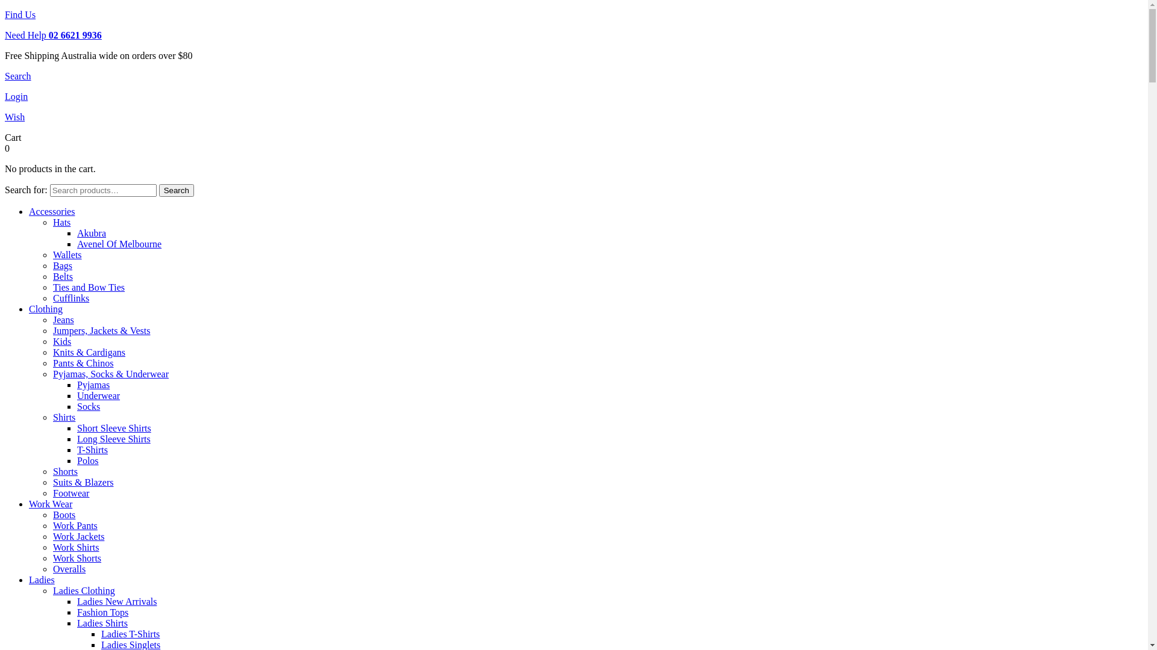  Describe the element at coordinates (75, 547) in the screenshot. I see `'Work Shirts'` at that location.